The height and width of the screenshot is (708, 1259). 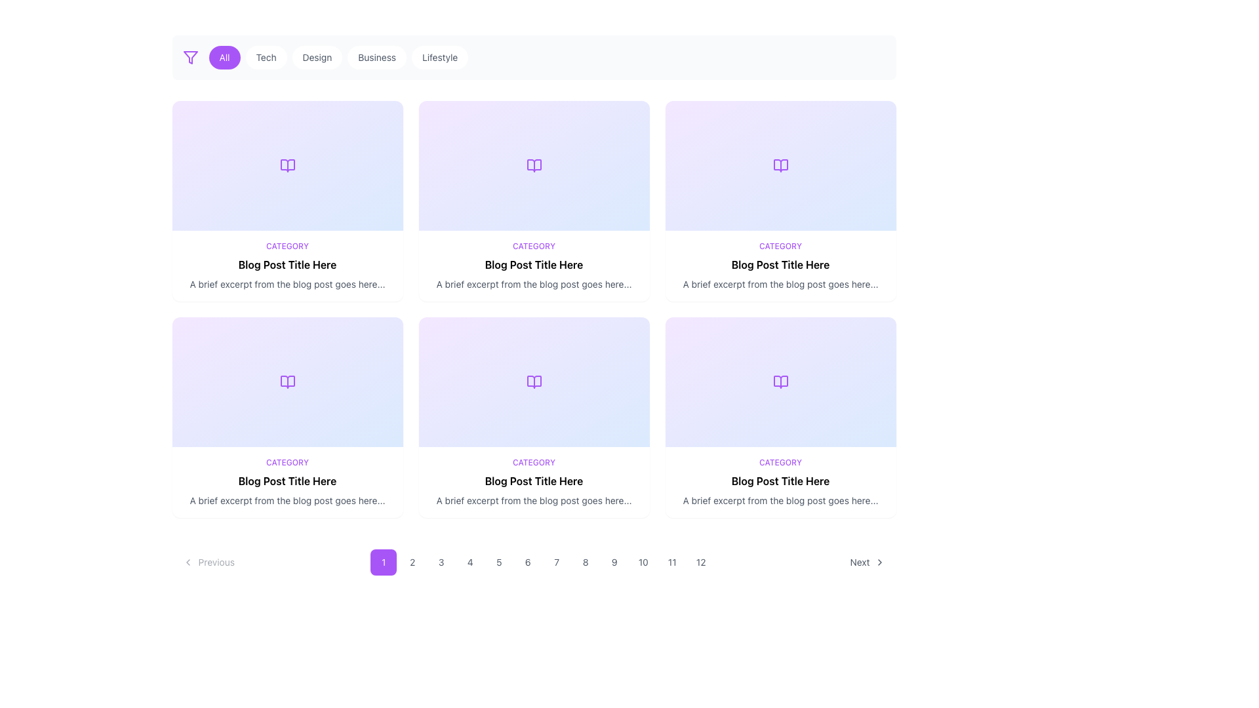 I want to click on the text label in the middle column of the second row of the grid layout, so click(x=534, y=481).